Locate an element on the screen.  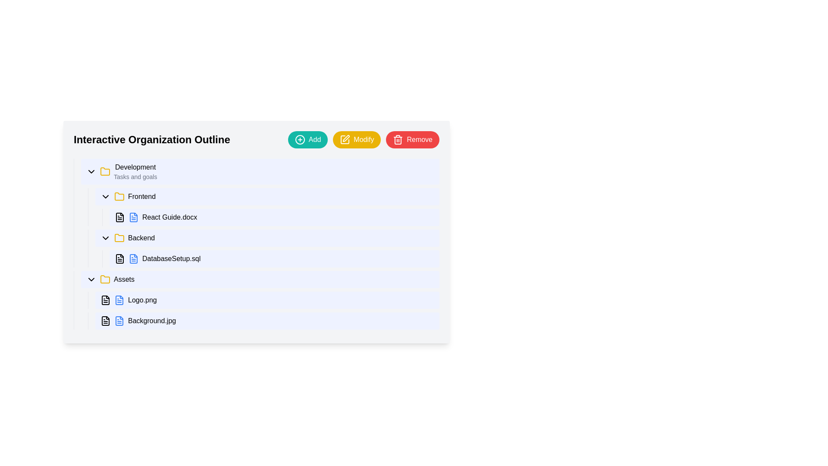
the pen icon within the 'Modify' button, which has a yellow background and is located to the left of the 'Modify' label is located at coordinates (345, 139).